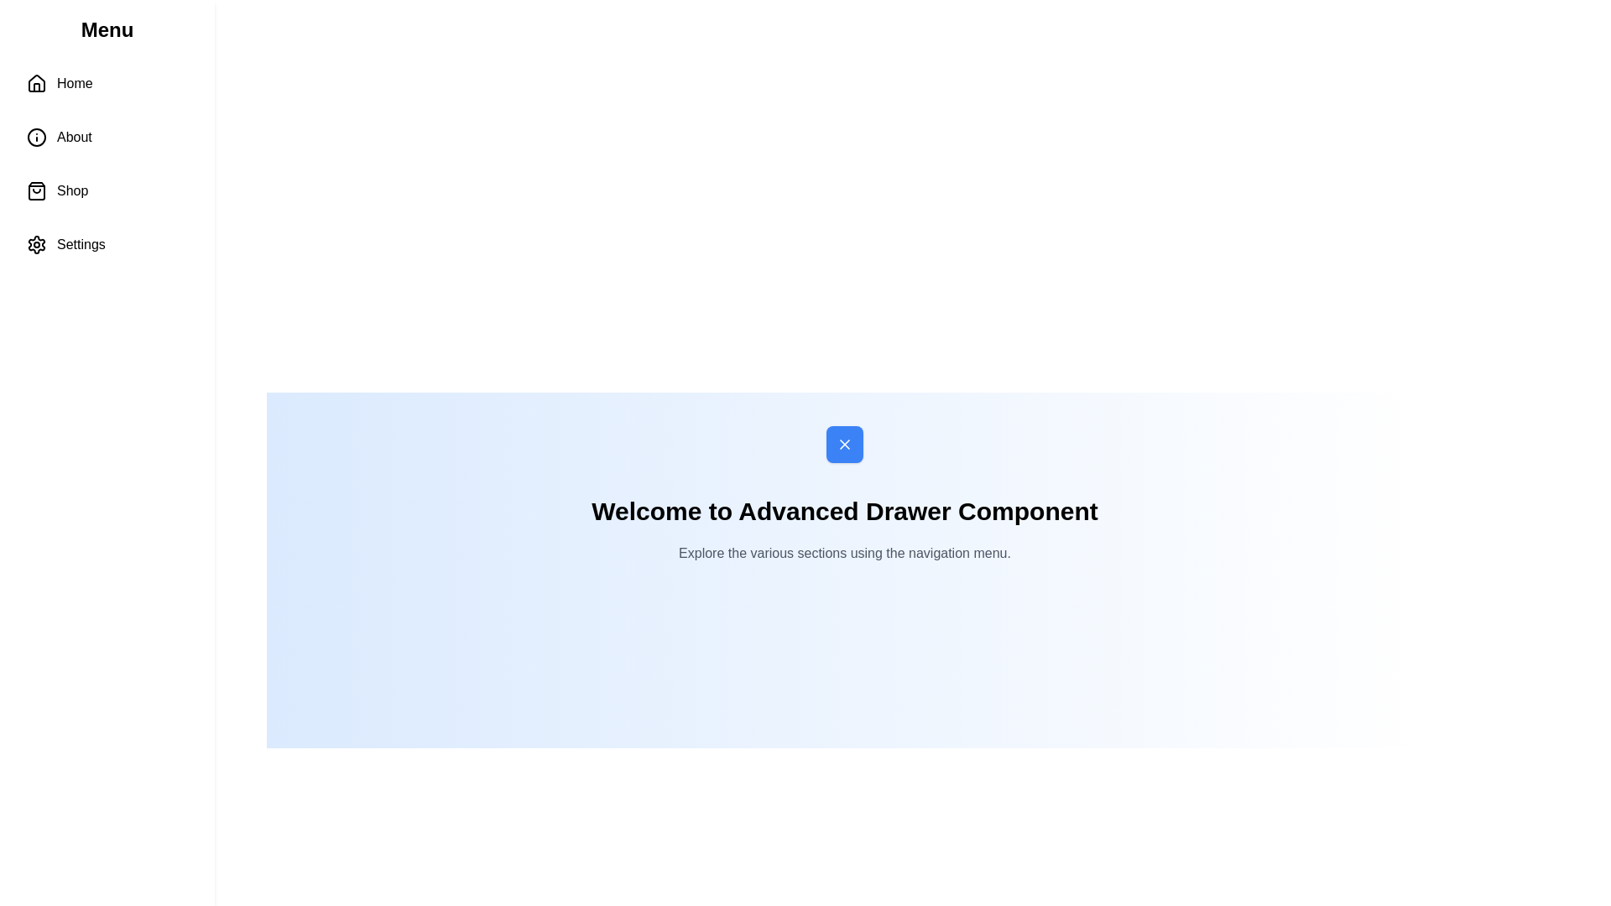  Describe the element at coordinates (845, 510) in the screenshot. I see `the prominently styled heading with large, bold text reading 'Welcome to Advanced Drawer Component'` at that location.